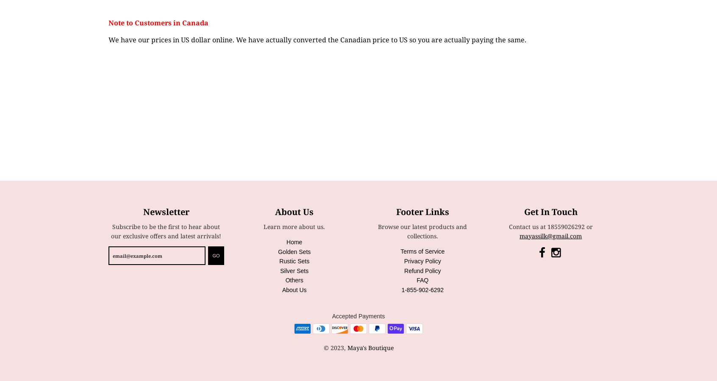 The height and width of the screenshot is (381, 717). What do you see at coordinates (294, 251) in the screenshot?
I see `'Golden Sets'` at bounding box center [294, 251].